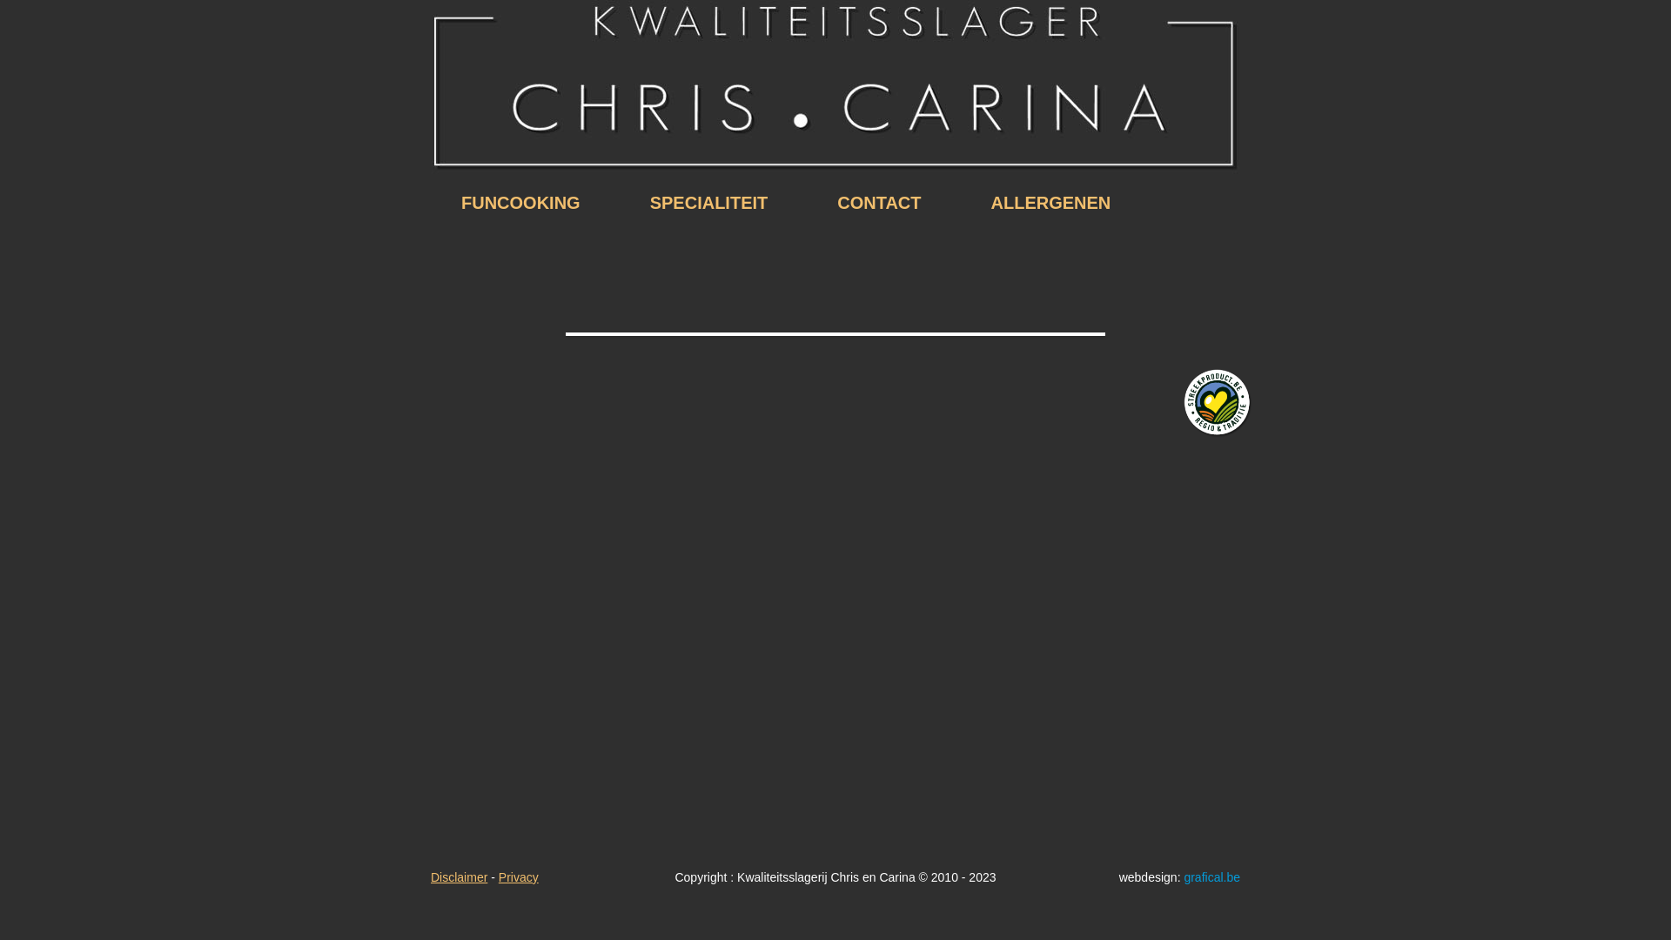 This screenshot has height=940, width=1671. I want to click on 'CONTACT', so click(878, 201).